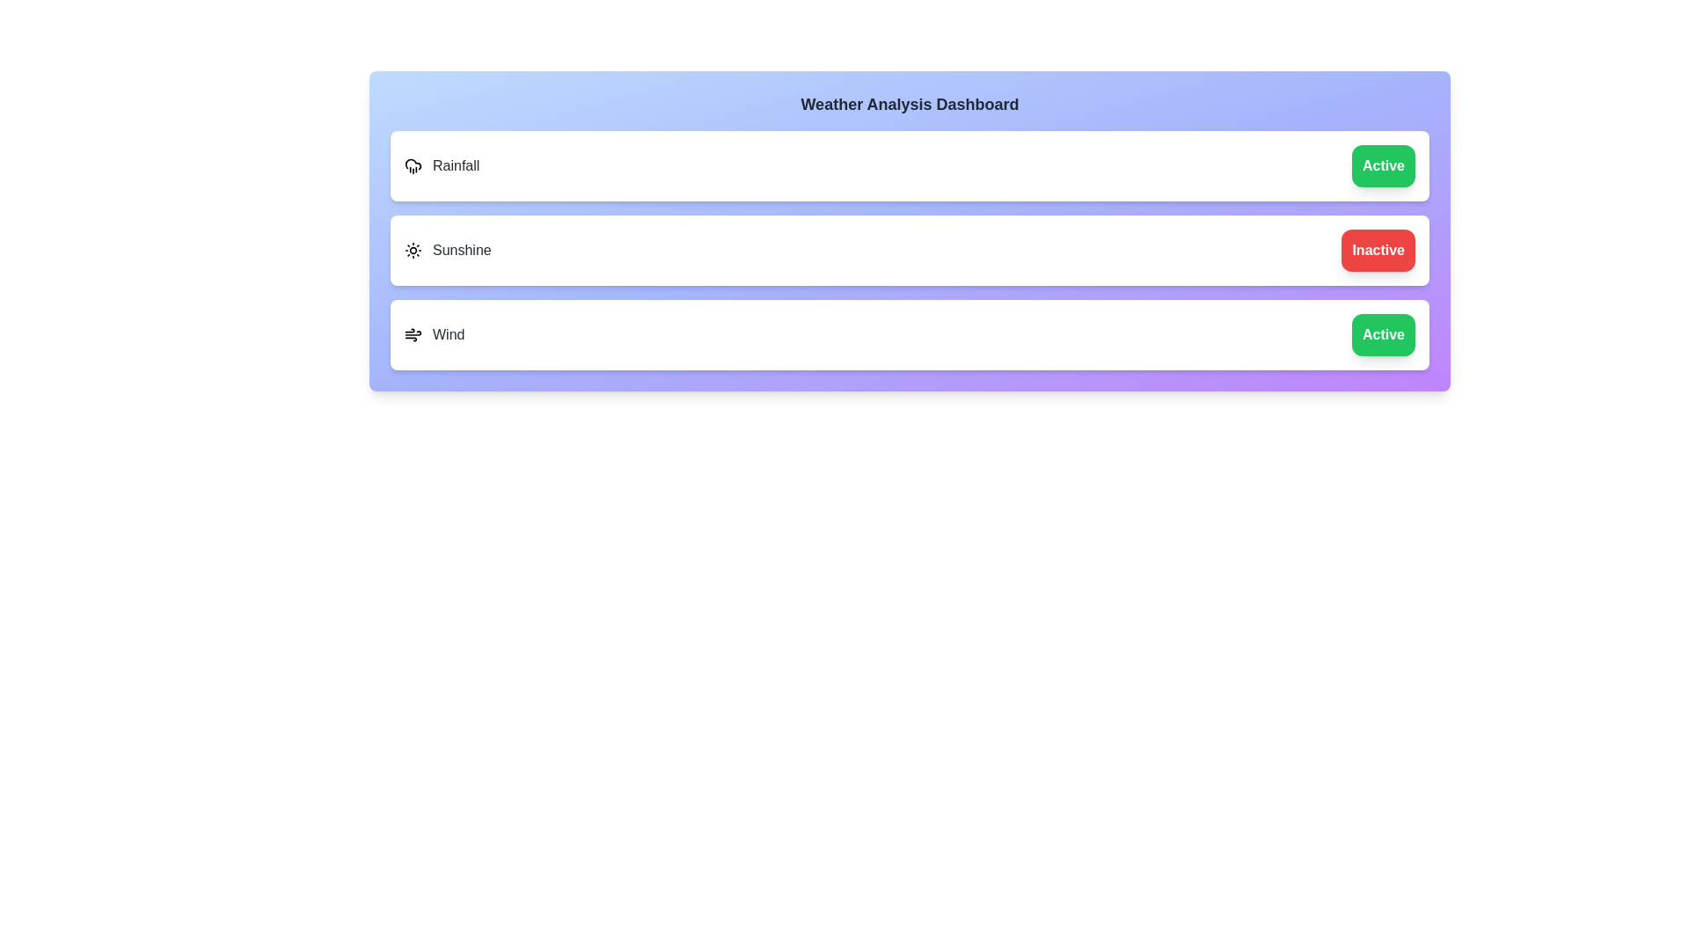 Image resolution: width=1689 pixels, height=950 pixels. Describe the element at coordinates (413, 335) in the screenshot. I see `the icon for the feature Wind to toggle its state` at that location.